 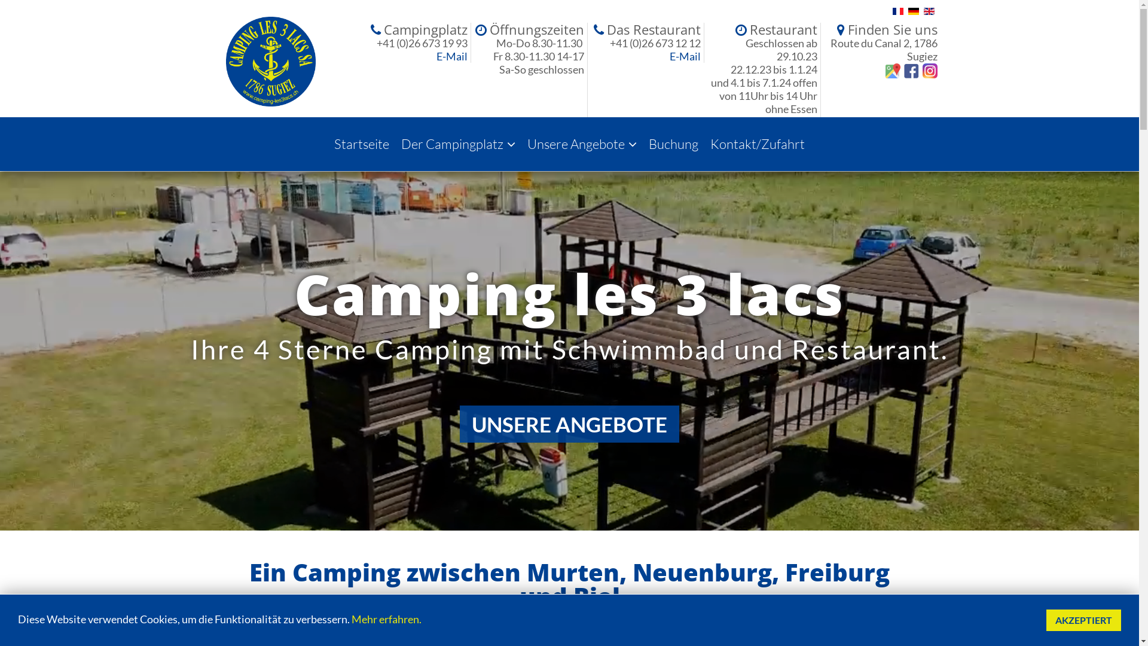 What do you see at coordinates (757, 143) in the screenshot?
I see `'Kontakt/Zufahrt'` at bounding box center [757, 143].